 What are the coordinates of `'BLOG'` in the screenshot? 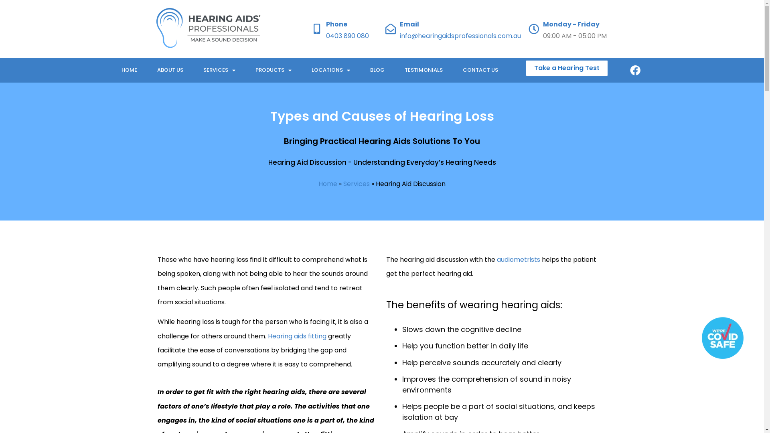 It's located at (377, 69).